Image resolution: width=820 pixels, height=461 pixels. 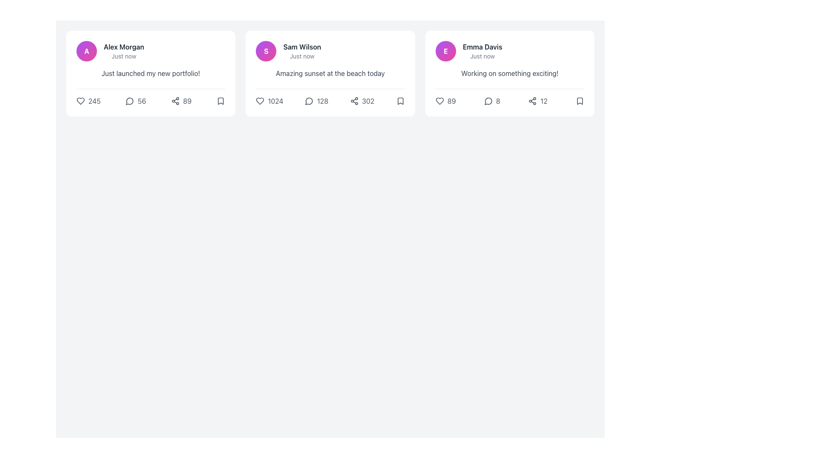 What do you see at coordinates (181, 100) in the screenshot?
I see `the share button located in the bottom right of the post card labeled 'Alex Morgan'` at bounding box center [181, 100].